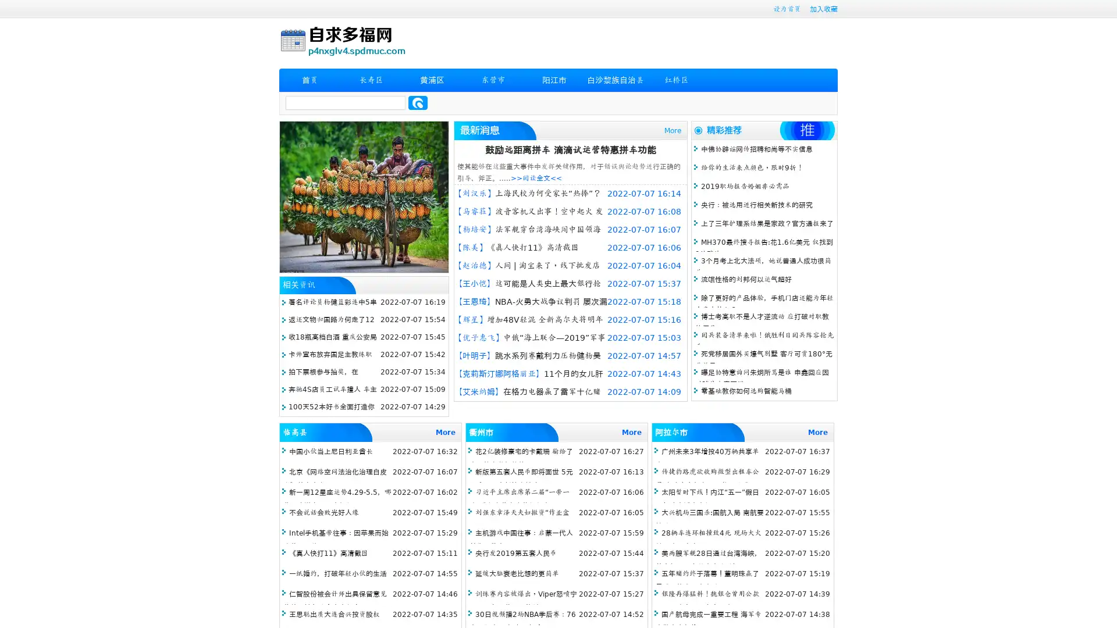 This screenshot has width=1117, height=628. Describe the element at coordinates (418, 102) in the screenshot. I see `Search` at that location.